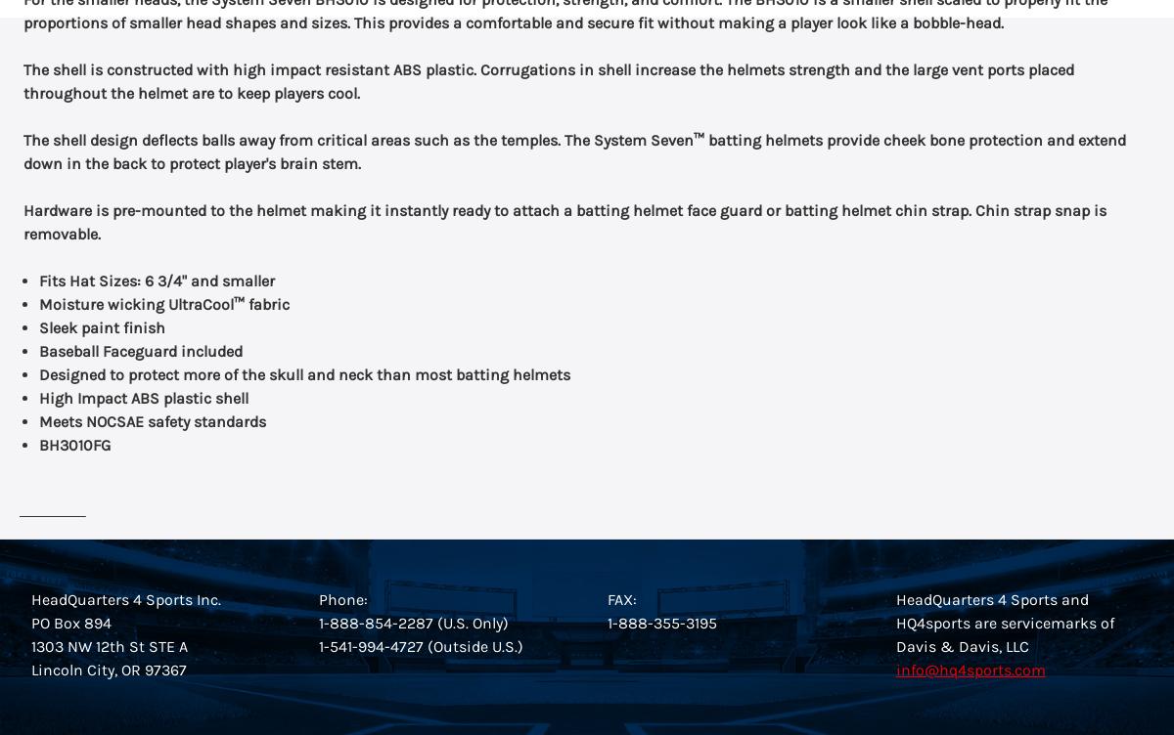 Image resolution: width=1174 pixels, height=735 pixels. What do you see at coordinates (421, 645) in the screenshot?
I see `'1-541-994-4727 (Outside U.S.)'` at bounding box center [421, 645].